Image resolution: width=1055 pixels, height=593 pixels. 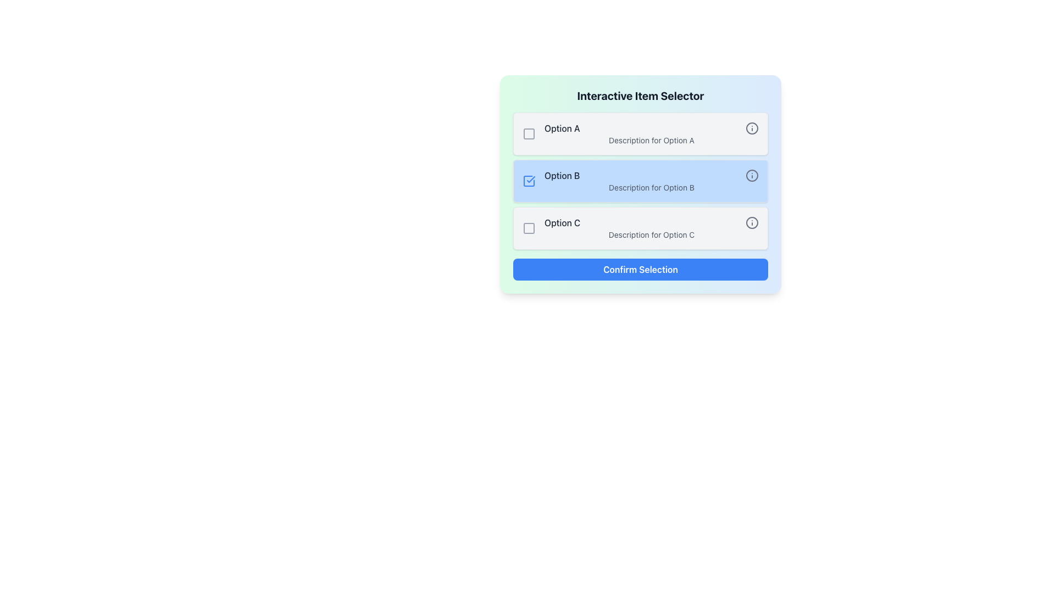 I want to click on the informational icon located at the right end of the 'Option C' selector panel, so click(x=751, y=222).